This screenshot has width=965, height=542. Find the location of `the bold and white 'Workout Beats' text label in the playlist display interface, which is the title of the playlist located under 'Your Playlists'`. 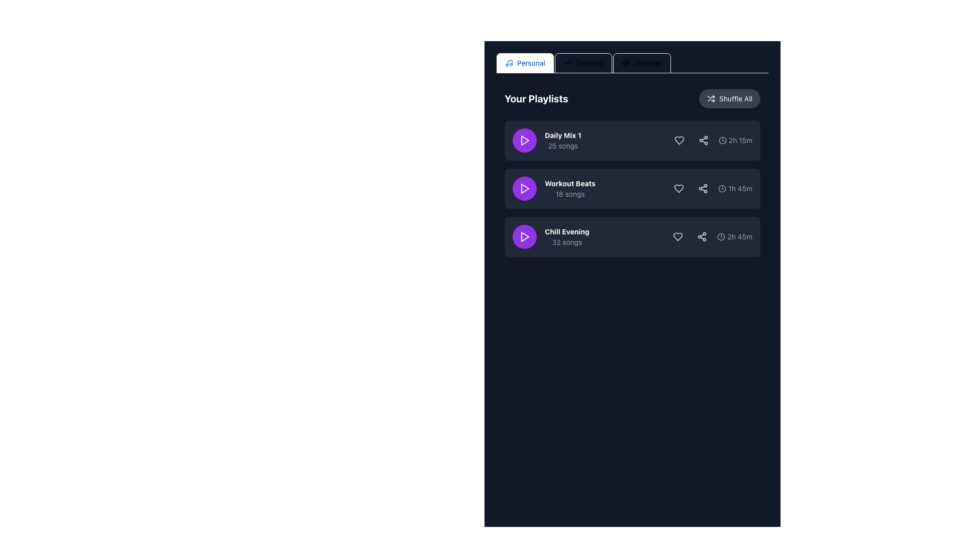

the bold and white 'Workout Beats' text label in the playlist display interface, which is the title of the playlist located under 'Your Playlists' is located at coordinates (570, 184).